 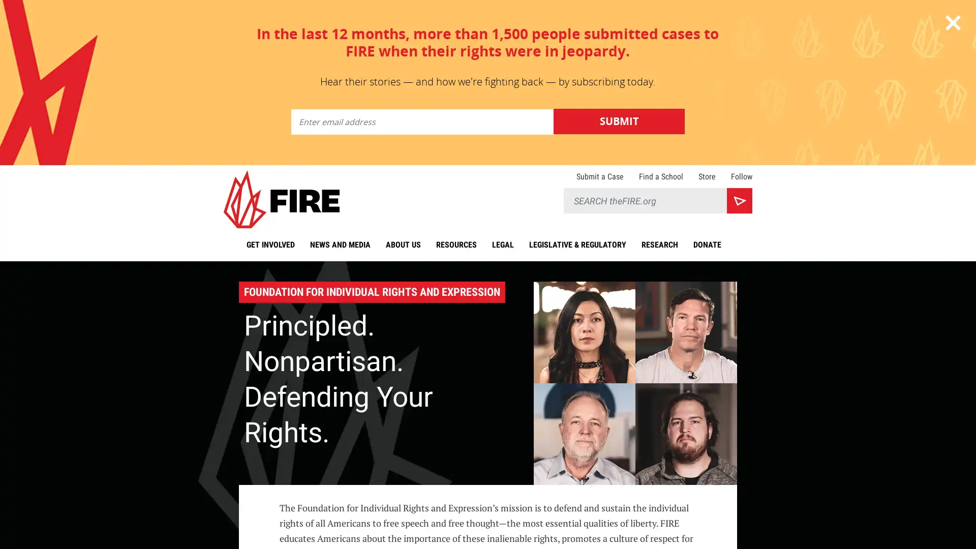 I want to click on Submit, so click(x=619, y=121).